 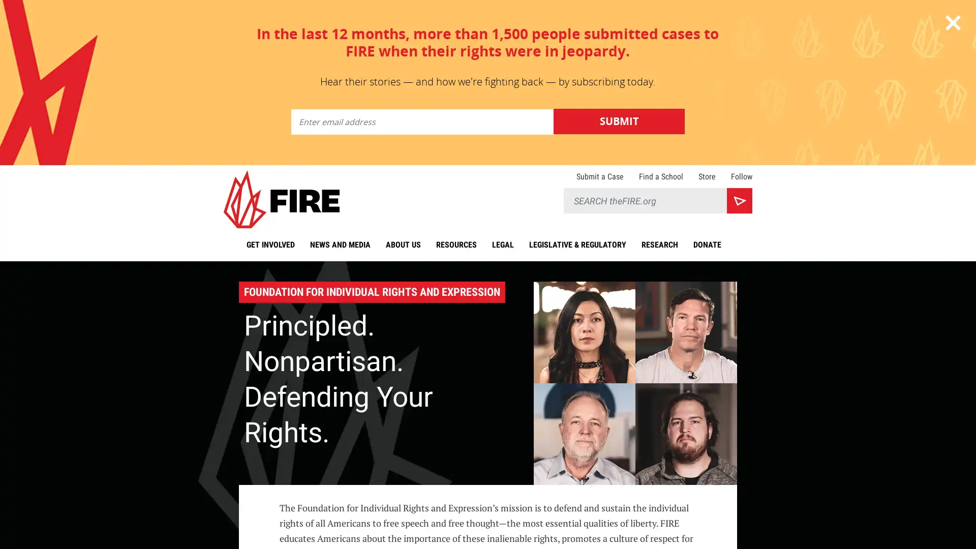 I want to click on Submit, so click(x=619, y=121).